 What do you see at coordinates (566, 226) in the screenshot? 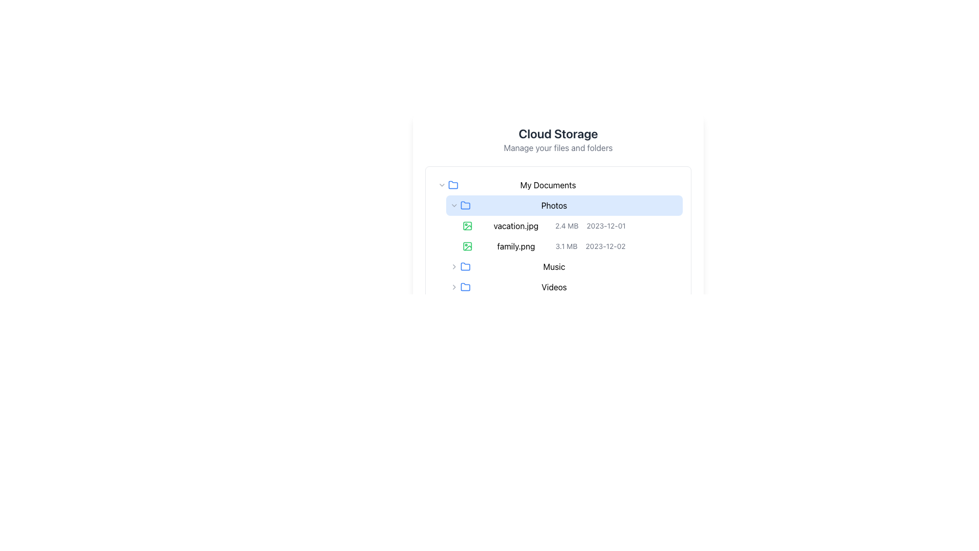
I see `the text label element displaying '2.4 MB', which is located to the right of the file name 'vacation.jpg' in the table-like display of the file manager` at bounding box center [566, 226].